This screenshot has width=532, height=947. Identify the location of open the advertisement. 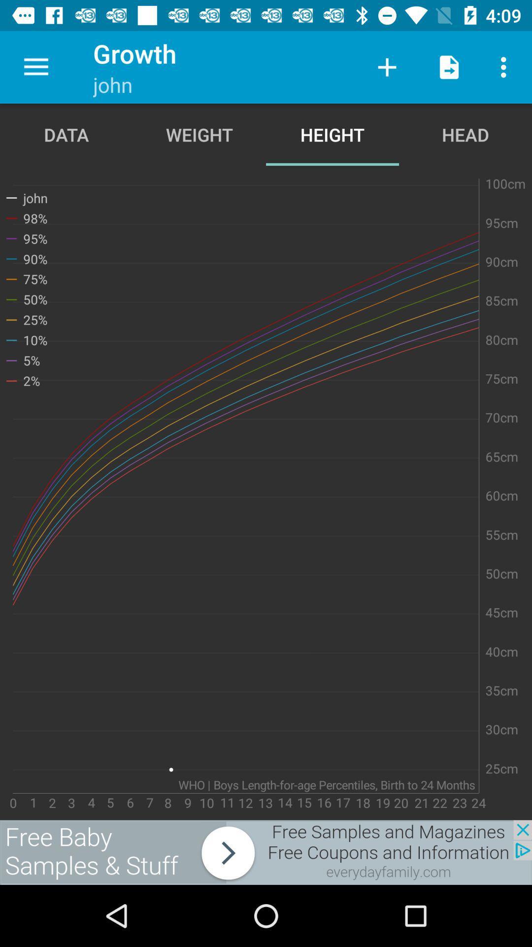
(266, 852).